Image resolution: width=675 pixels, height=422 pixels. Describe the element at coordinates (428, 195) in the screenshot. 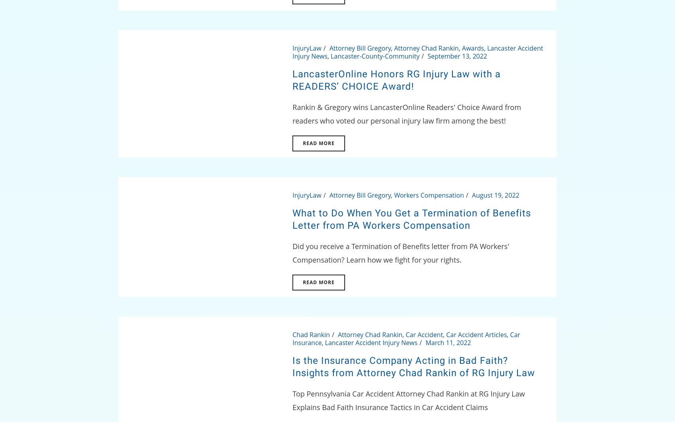

I see `'Workers Compensation'` at that location.